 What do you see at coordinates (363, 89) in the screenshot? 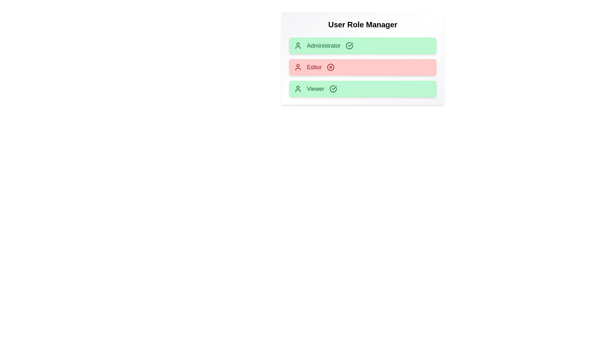
I see `the role Viewer by clicking on its corresponding area` at bounding box center [363, 89].